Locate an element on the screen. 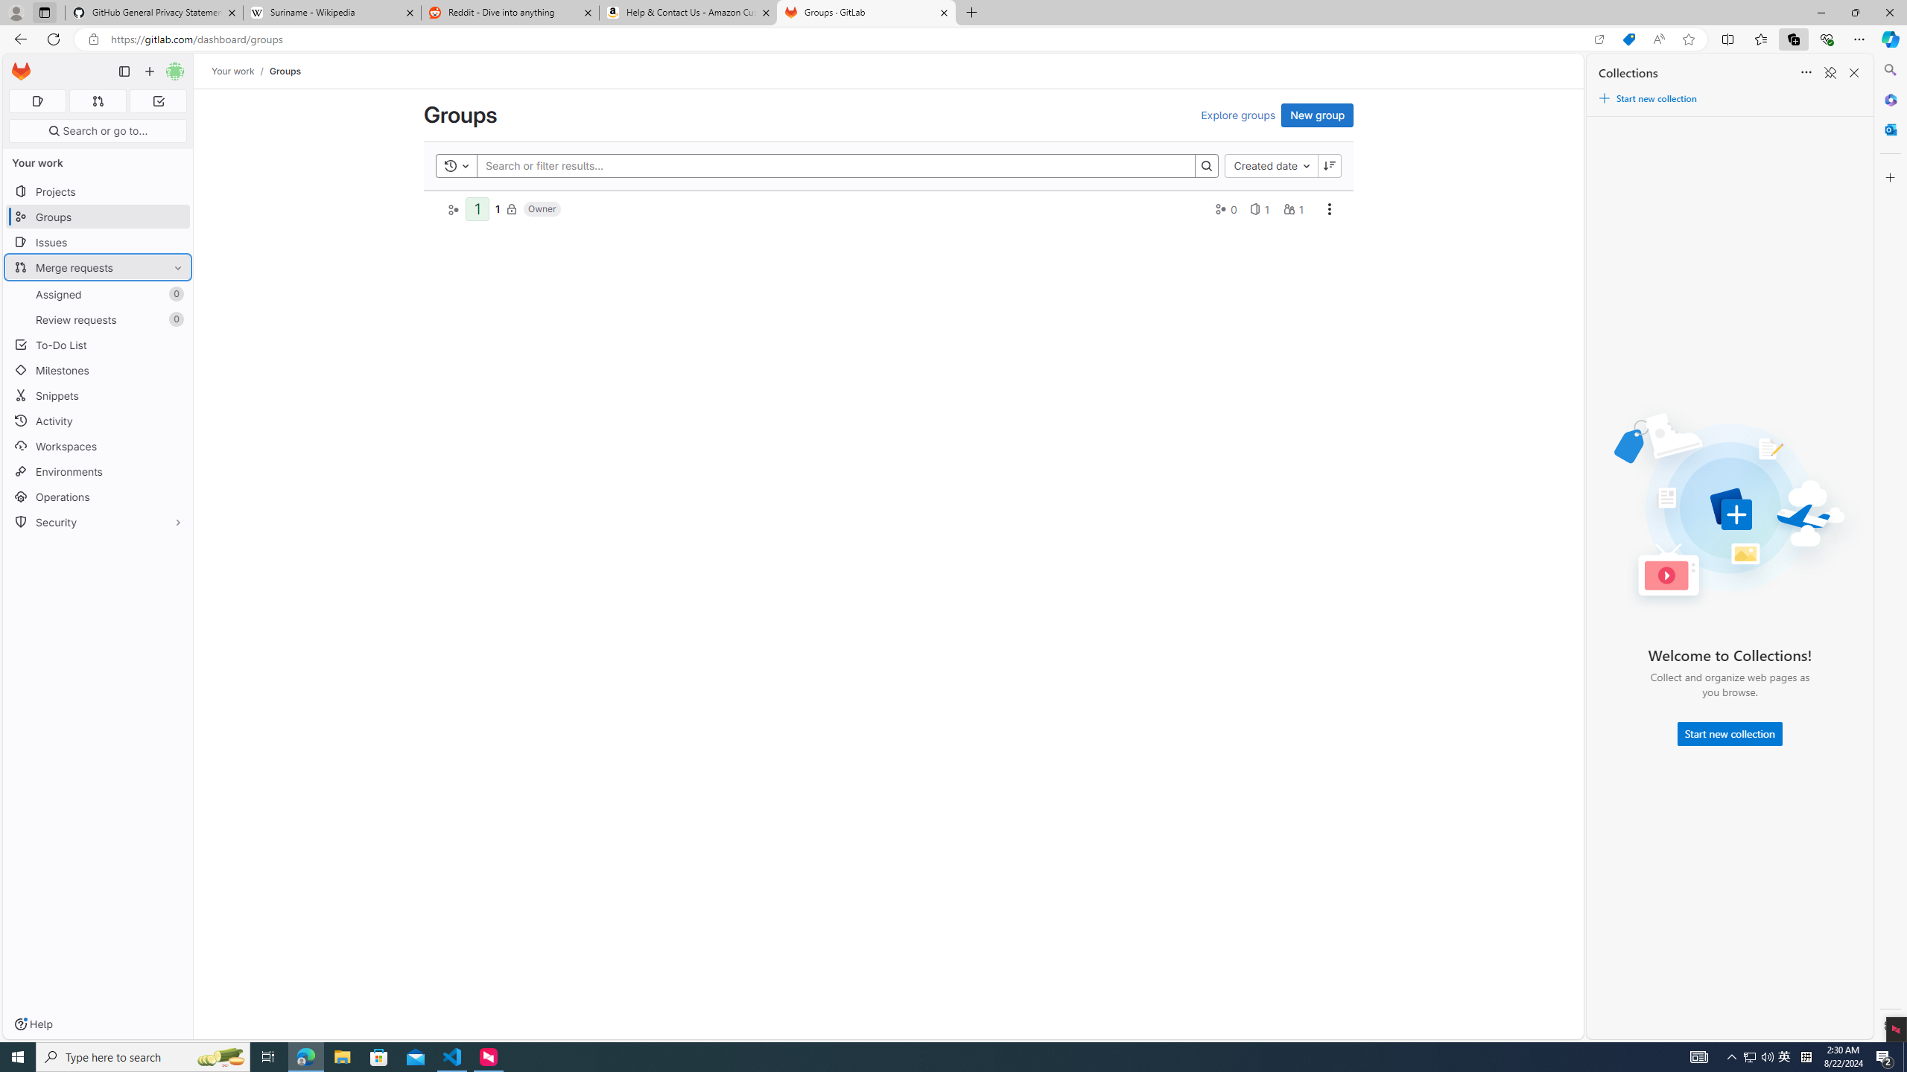  'Merge requests' is located at coordinates (97, 267).